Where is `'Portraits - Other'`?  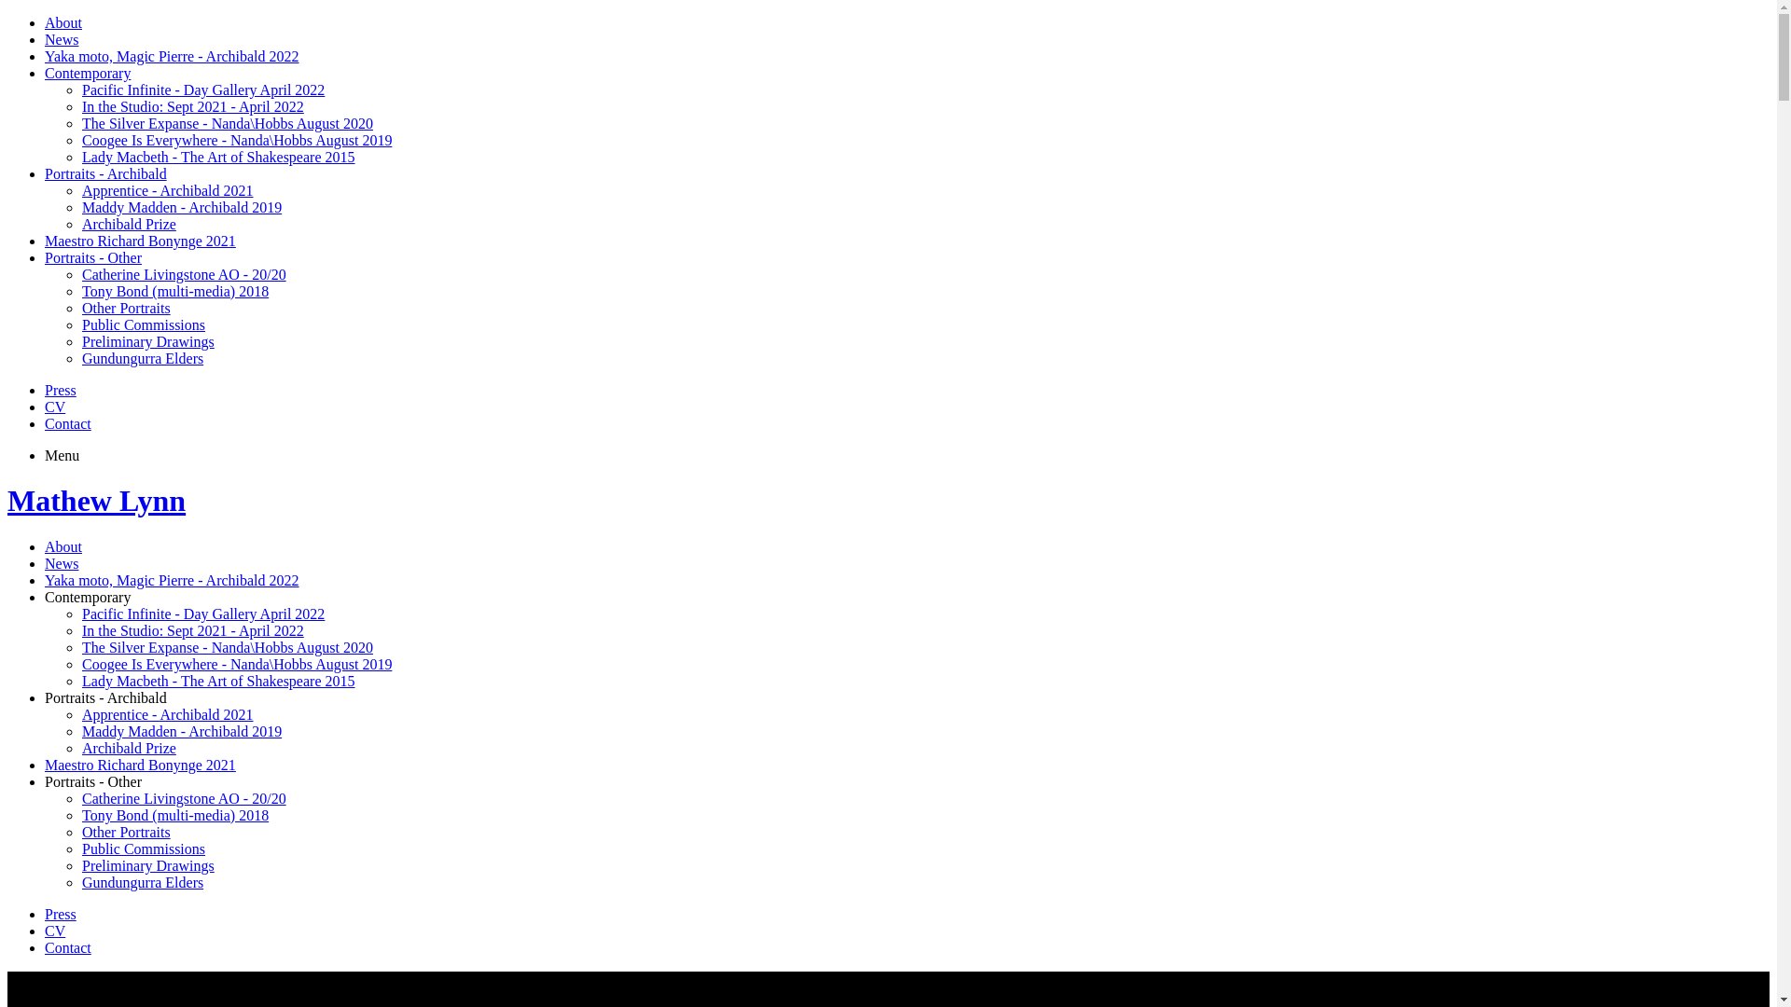 'Portraits - Other' is located at coordinates (92, 781).